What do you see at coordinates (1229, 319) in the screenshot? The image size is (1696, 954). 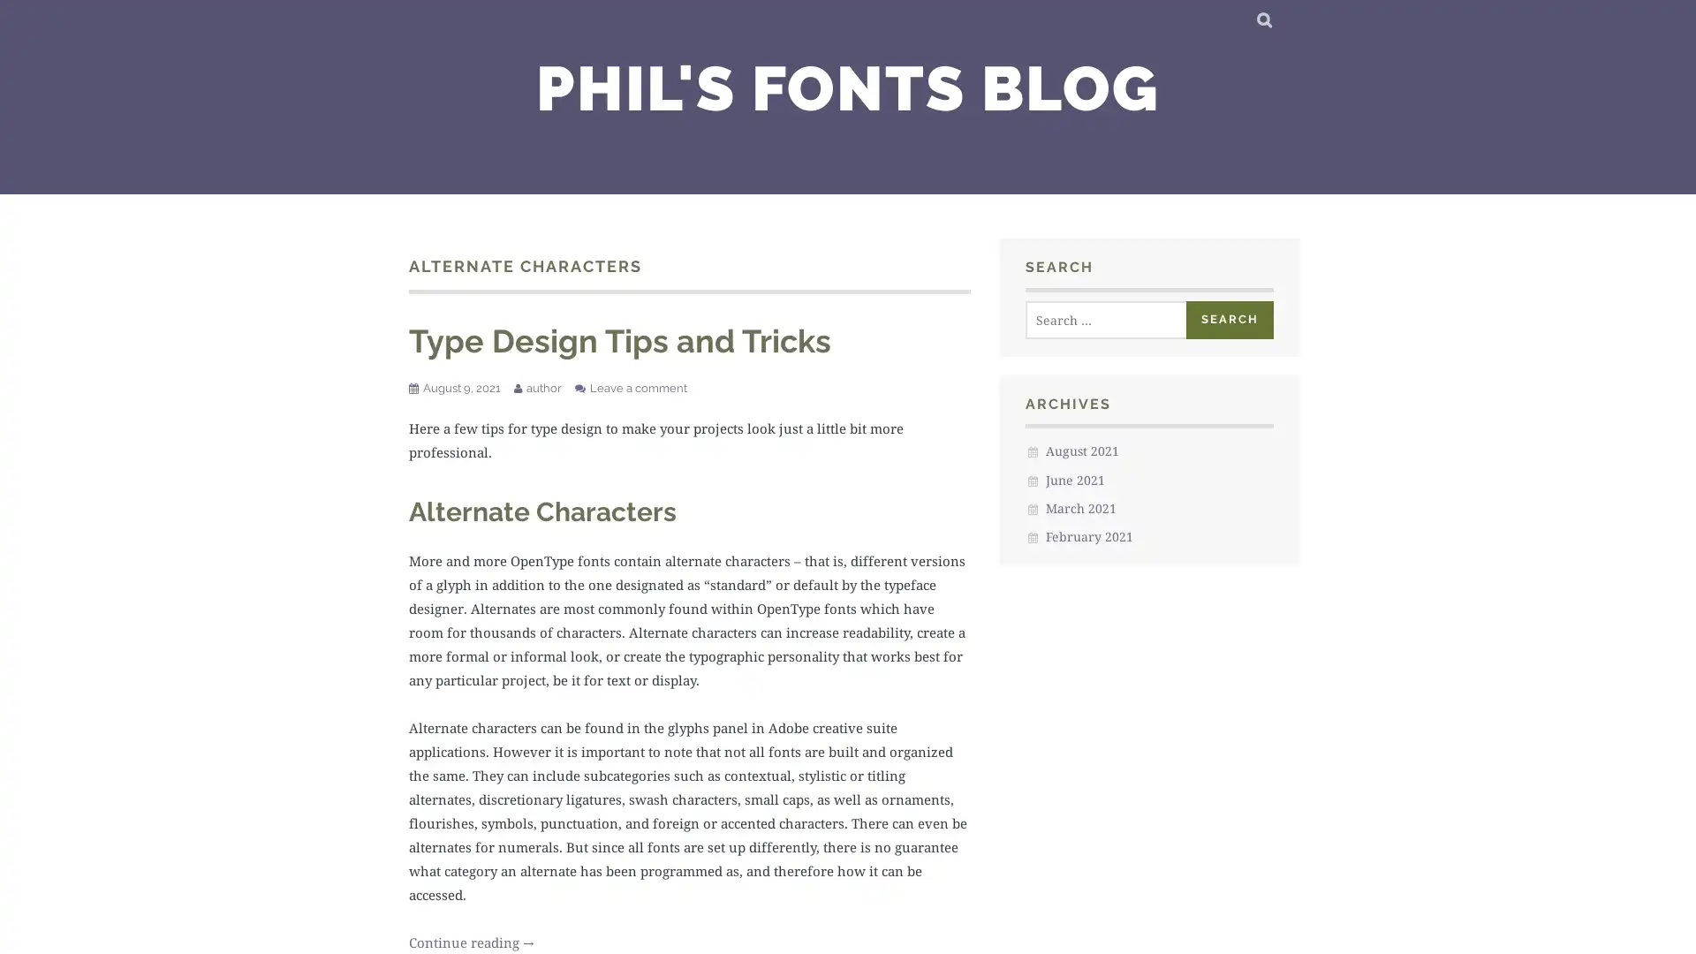 I see `Search` at bounding box center [1229, 319].